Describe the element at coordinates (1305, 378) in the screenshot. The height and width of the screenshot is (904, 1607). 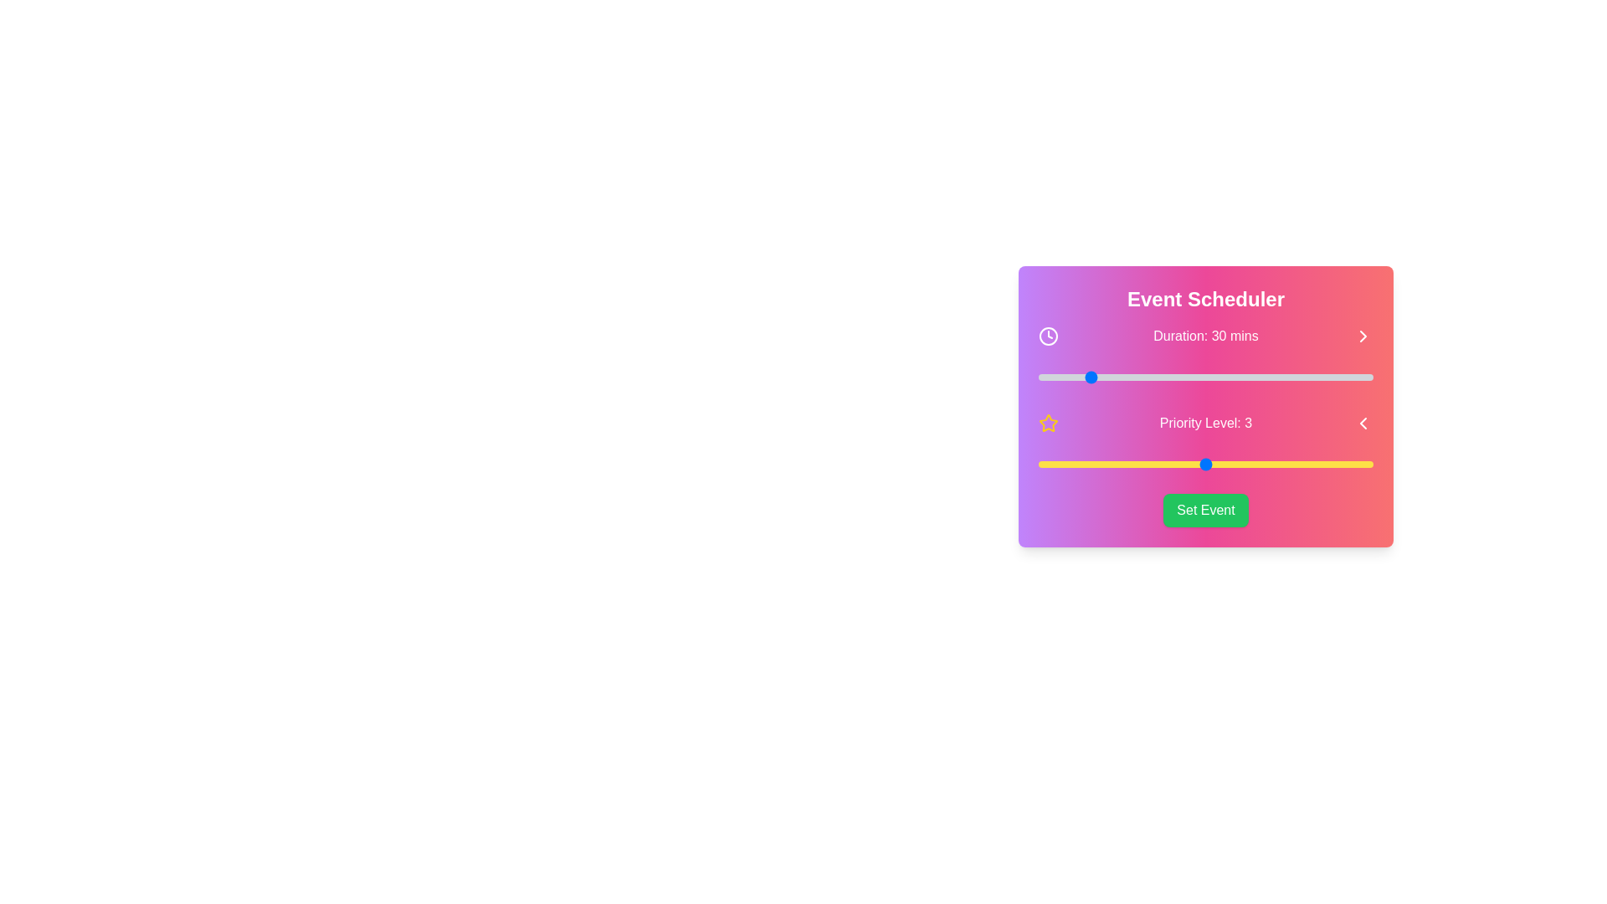
I see `the slider` at that location.